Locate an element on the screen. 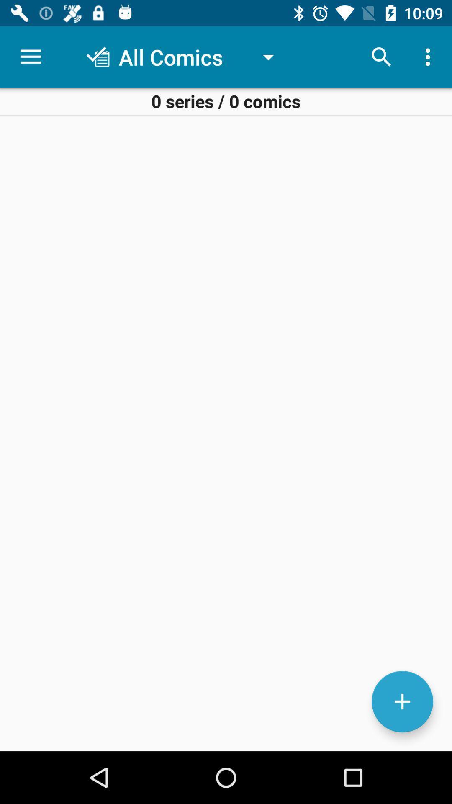 This screenshot has width=452, height=804. switch option is located at coordinates (402, 701).